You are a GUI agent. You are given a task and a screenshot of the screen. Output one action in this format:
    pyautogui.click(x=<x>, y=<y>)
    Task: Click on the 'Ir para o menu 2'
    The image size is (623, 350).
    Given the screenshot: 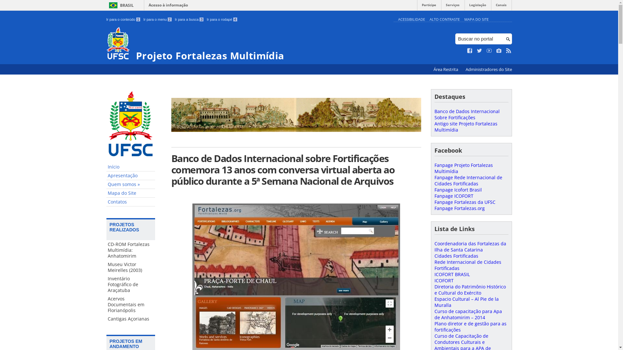 What is the action you would take?
    pyautogui.click(x=157, y=19)
    